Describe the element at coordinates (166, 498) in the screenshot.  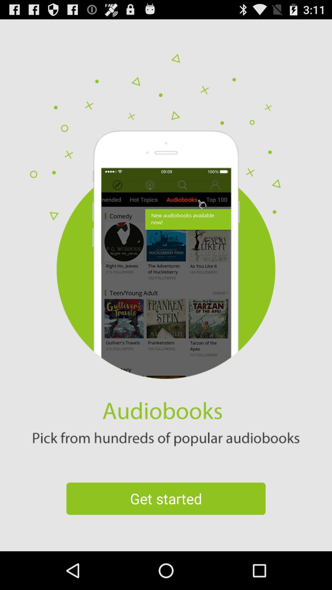
I see `the icon at the bottom` at that location.